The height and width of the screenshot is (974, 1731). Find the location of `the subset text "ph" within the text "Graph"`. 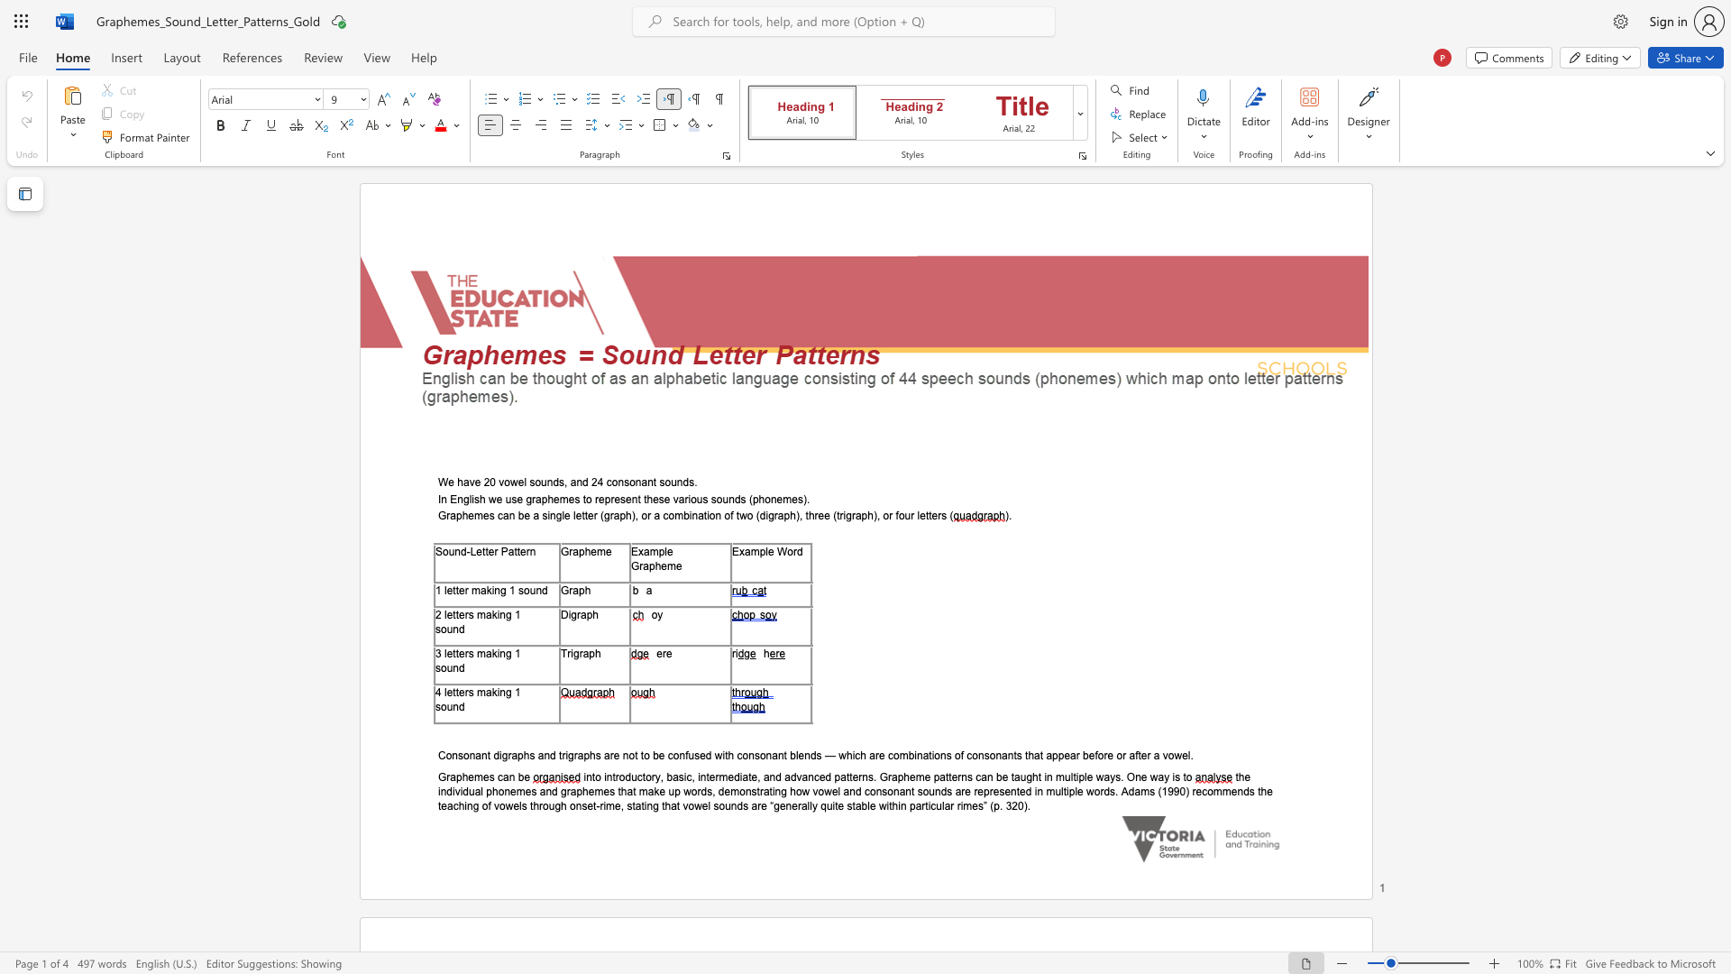

the subset text "ph" within the text "Graph" is located at coordinates (579, 590).